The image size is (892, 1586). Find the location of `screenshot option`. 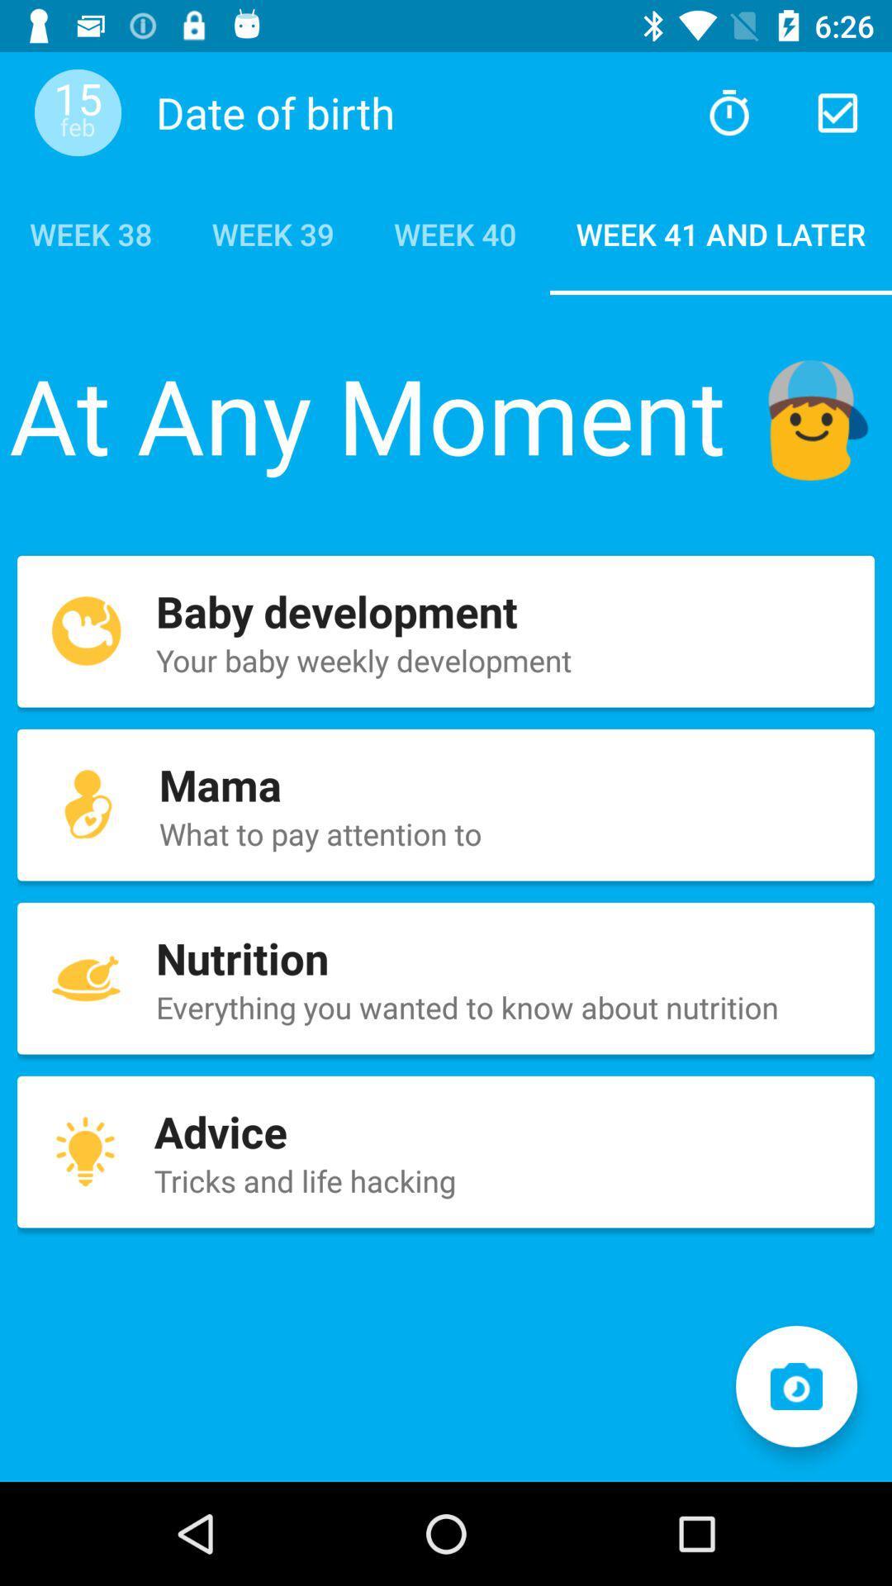

screenshot option is located at coordinates (795, 1386).